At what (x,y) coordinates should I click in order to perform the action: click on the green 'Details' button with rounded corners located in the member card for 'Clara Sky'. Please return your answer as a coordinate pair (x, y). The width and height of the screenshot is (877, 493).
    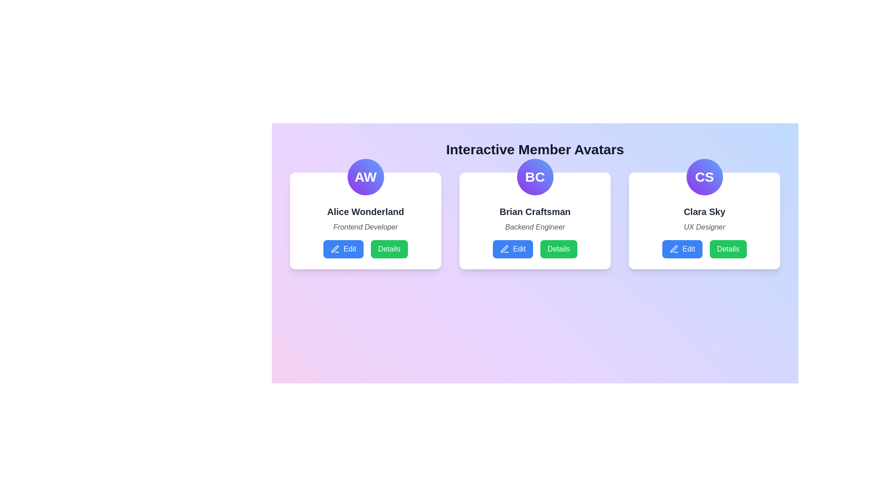
    Looking at the image, I should click on (728, 249).